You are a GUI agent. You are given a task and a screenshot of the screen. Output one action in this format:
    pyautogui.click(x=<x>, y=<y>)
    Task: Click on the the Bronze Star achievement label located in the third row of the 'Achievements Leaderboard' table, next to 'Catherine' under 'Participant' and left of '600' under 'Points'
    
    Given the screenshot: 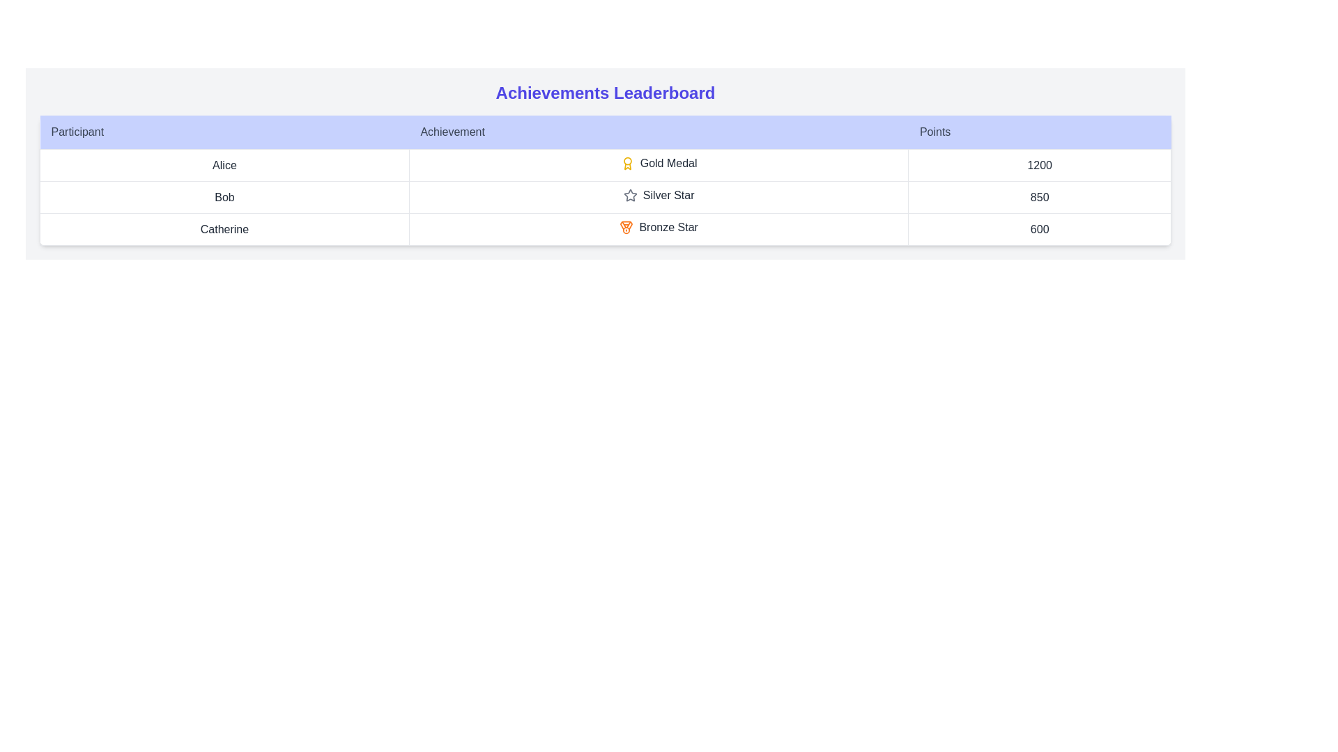 What is the action you would take?
    pyautogui.click(x=658, y=227)
    